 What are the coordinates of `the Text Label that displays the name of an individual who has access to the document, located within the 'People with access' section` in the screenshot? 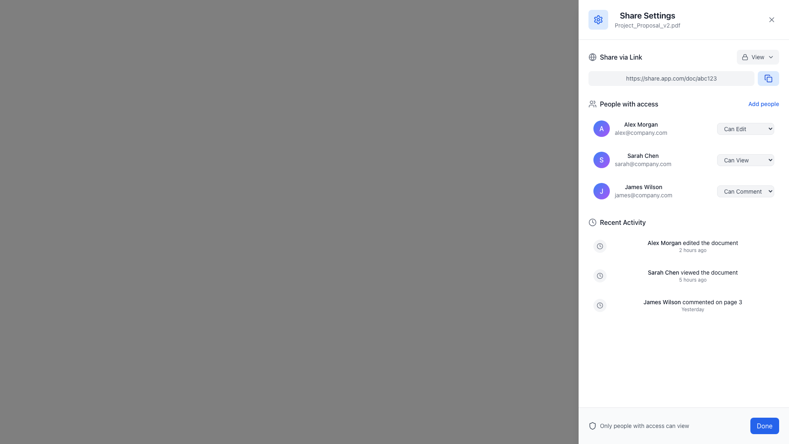 It's located at (641, 125).